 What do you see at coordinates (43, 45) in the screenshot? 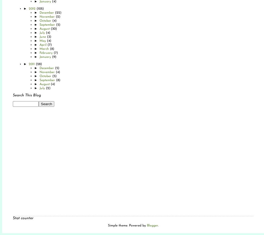
I see `'April'` at bounding box center [43, 45].